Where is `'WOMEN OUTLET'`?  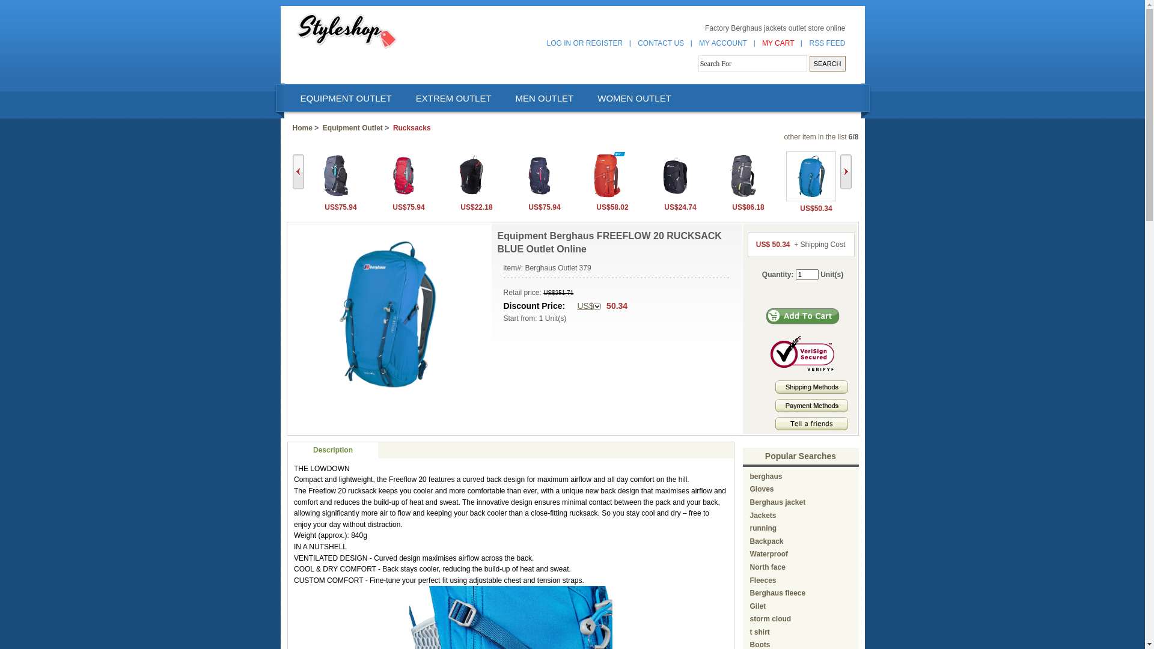 'WOMEN OUTLET' is located at coordinates (633, 97).